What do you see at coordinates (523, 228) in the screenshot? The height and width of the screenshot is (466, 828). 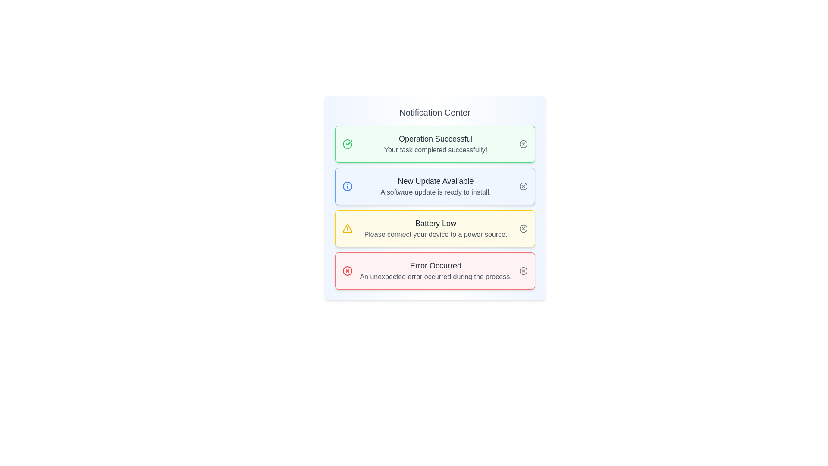 I see `the circular visual indicator of the close or remove action located in the third notification panel from the top, positioned adjacent to the right edge of the panel` at bounding box center [523, 228].